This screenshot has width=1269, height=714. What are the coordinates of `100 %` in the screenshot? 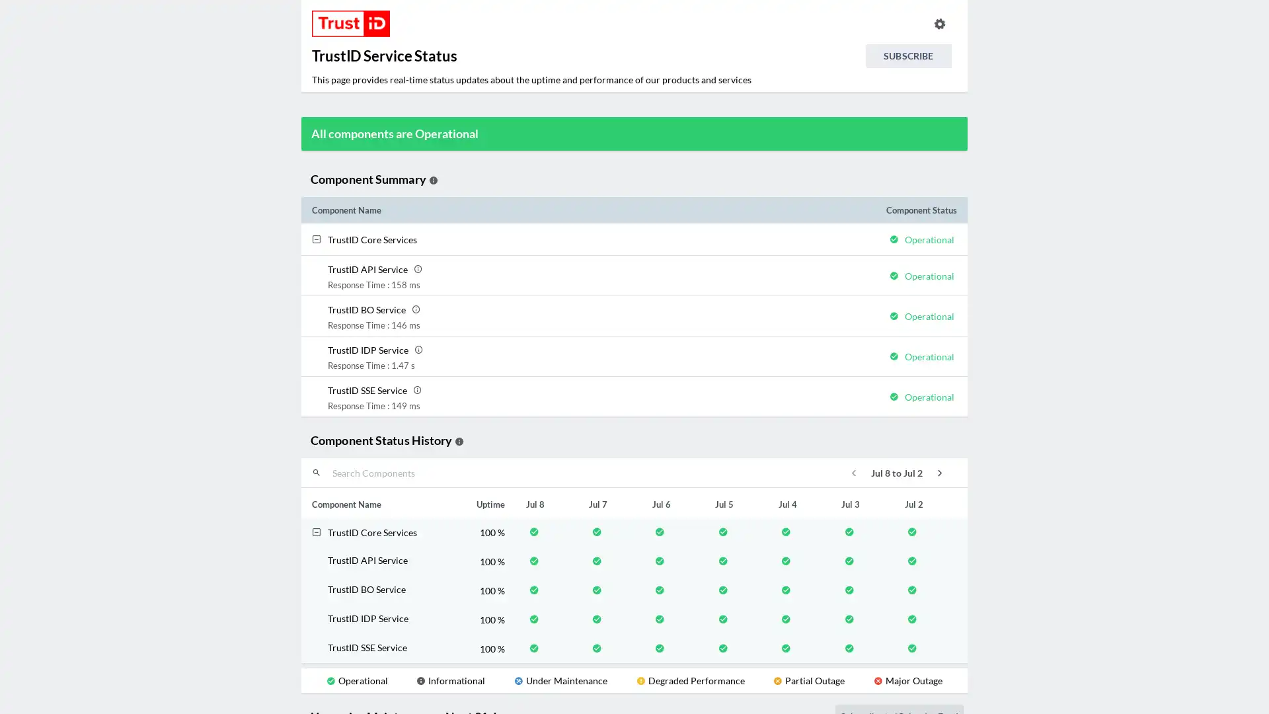 It's located at (491, 619).